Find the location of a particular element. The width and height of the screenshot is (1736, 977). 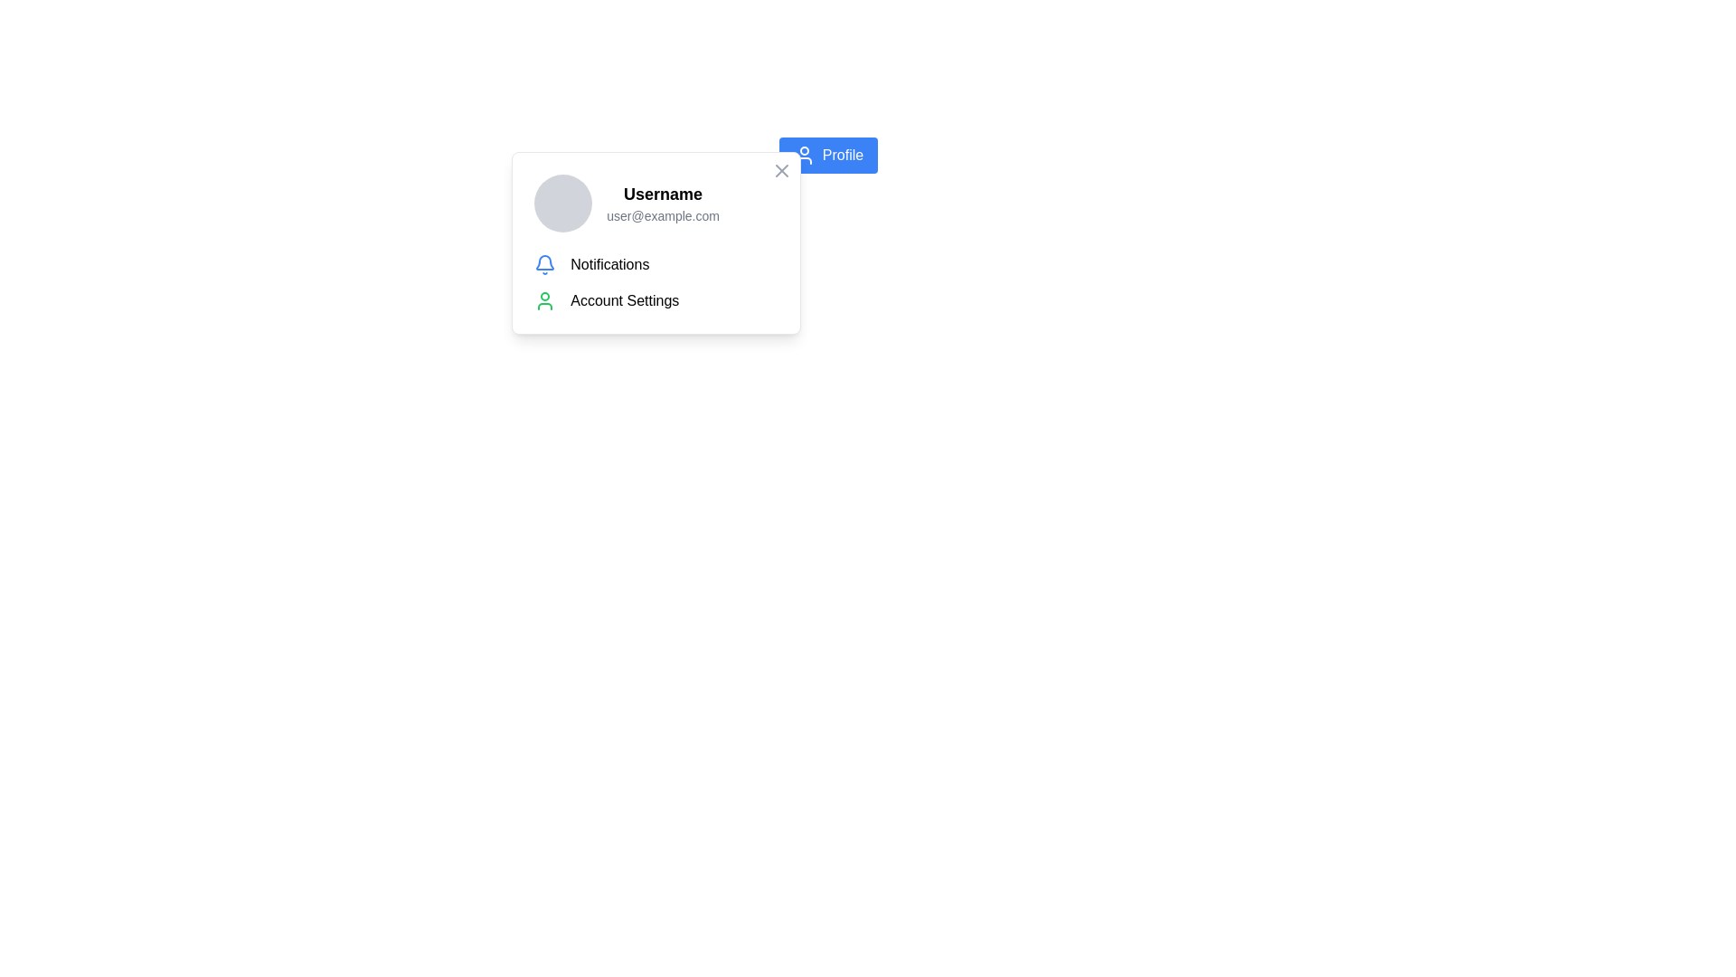

the close button (icon-based) located at the top right corner of the user profile card is located at coordinates (782, 171).